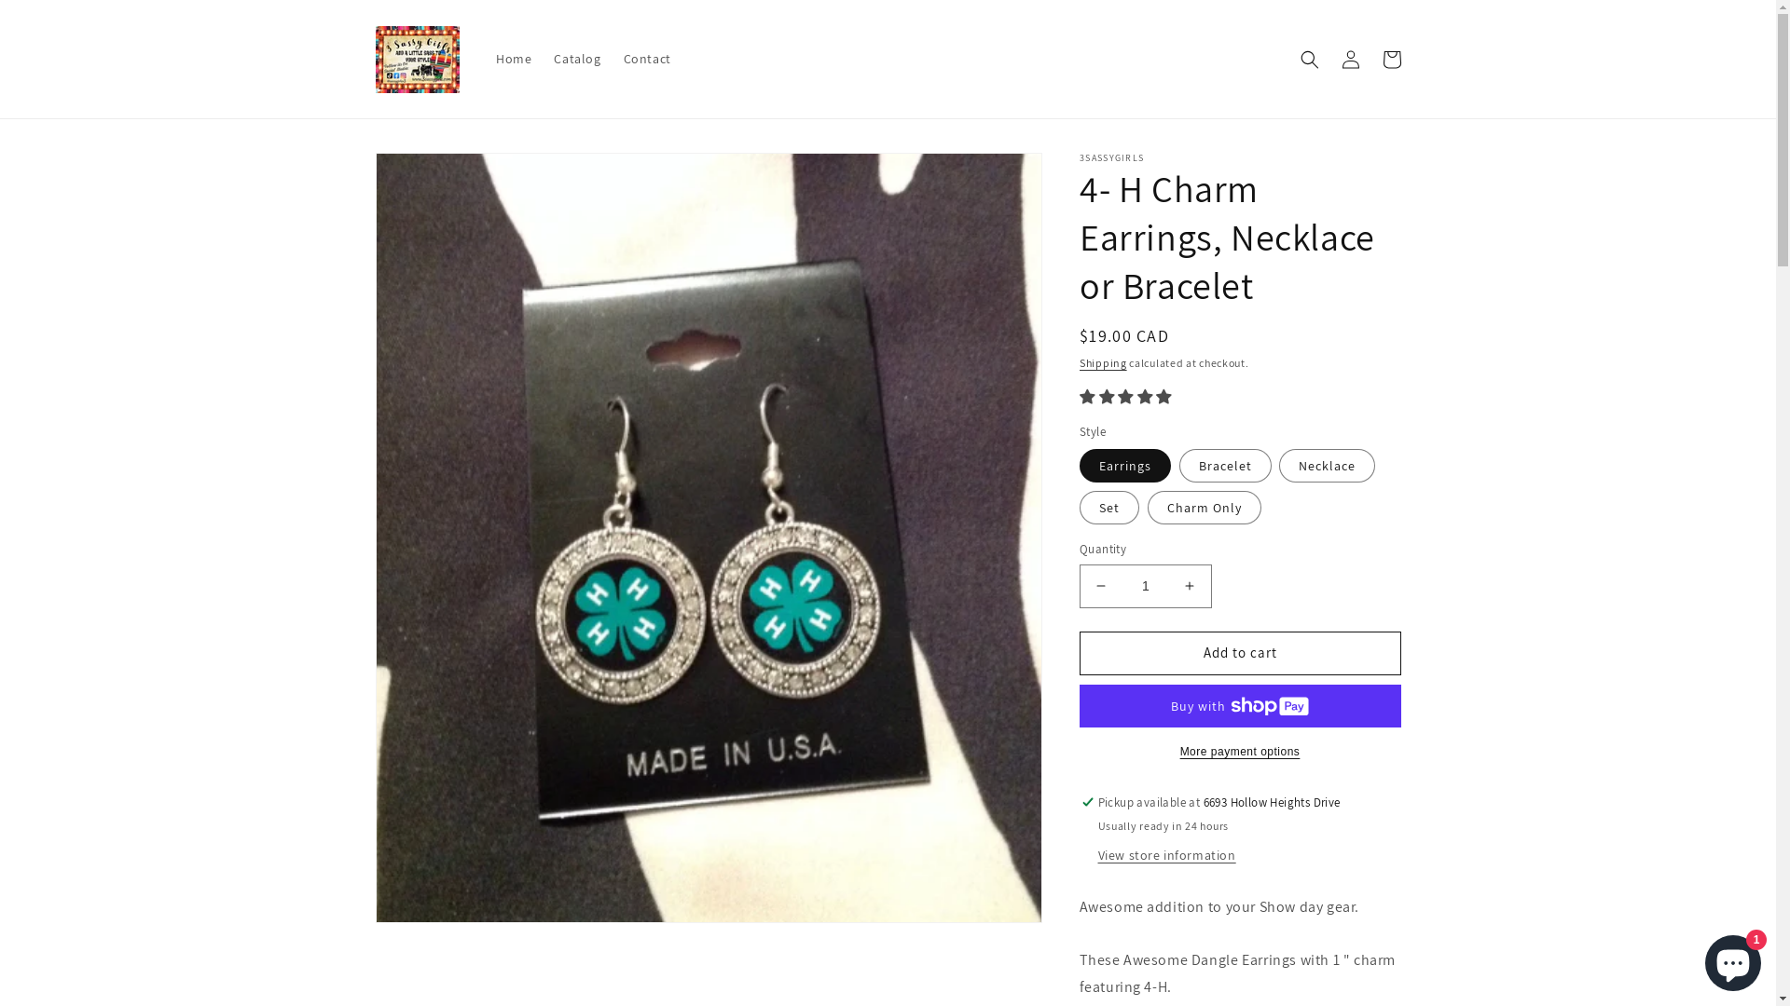 The image size is (1790, 1006). Describe the element at coordinates (514, 57) in the screenshot. I see `'Home'` at that location.